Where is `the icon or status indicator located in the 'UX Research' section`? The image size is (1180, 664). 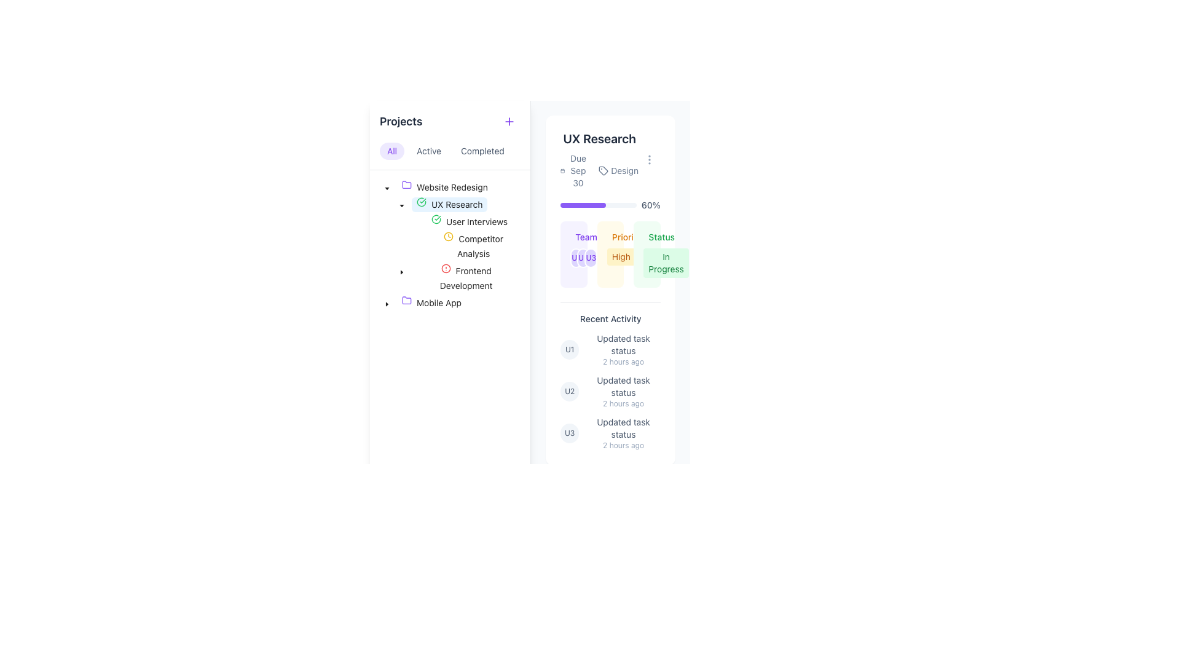 the icon or status indicator located in the 'UX Research' section is located at coordinates (439, 222).